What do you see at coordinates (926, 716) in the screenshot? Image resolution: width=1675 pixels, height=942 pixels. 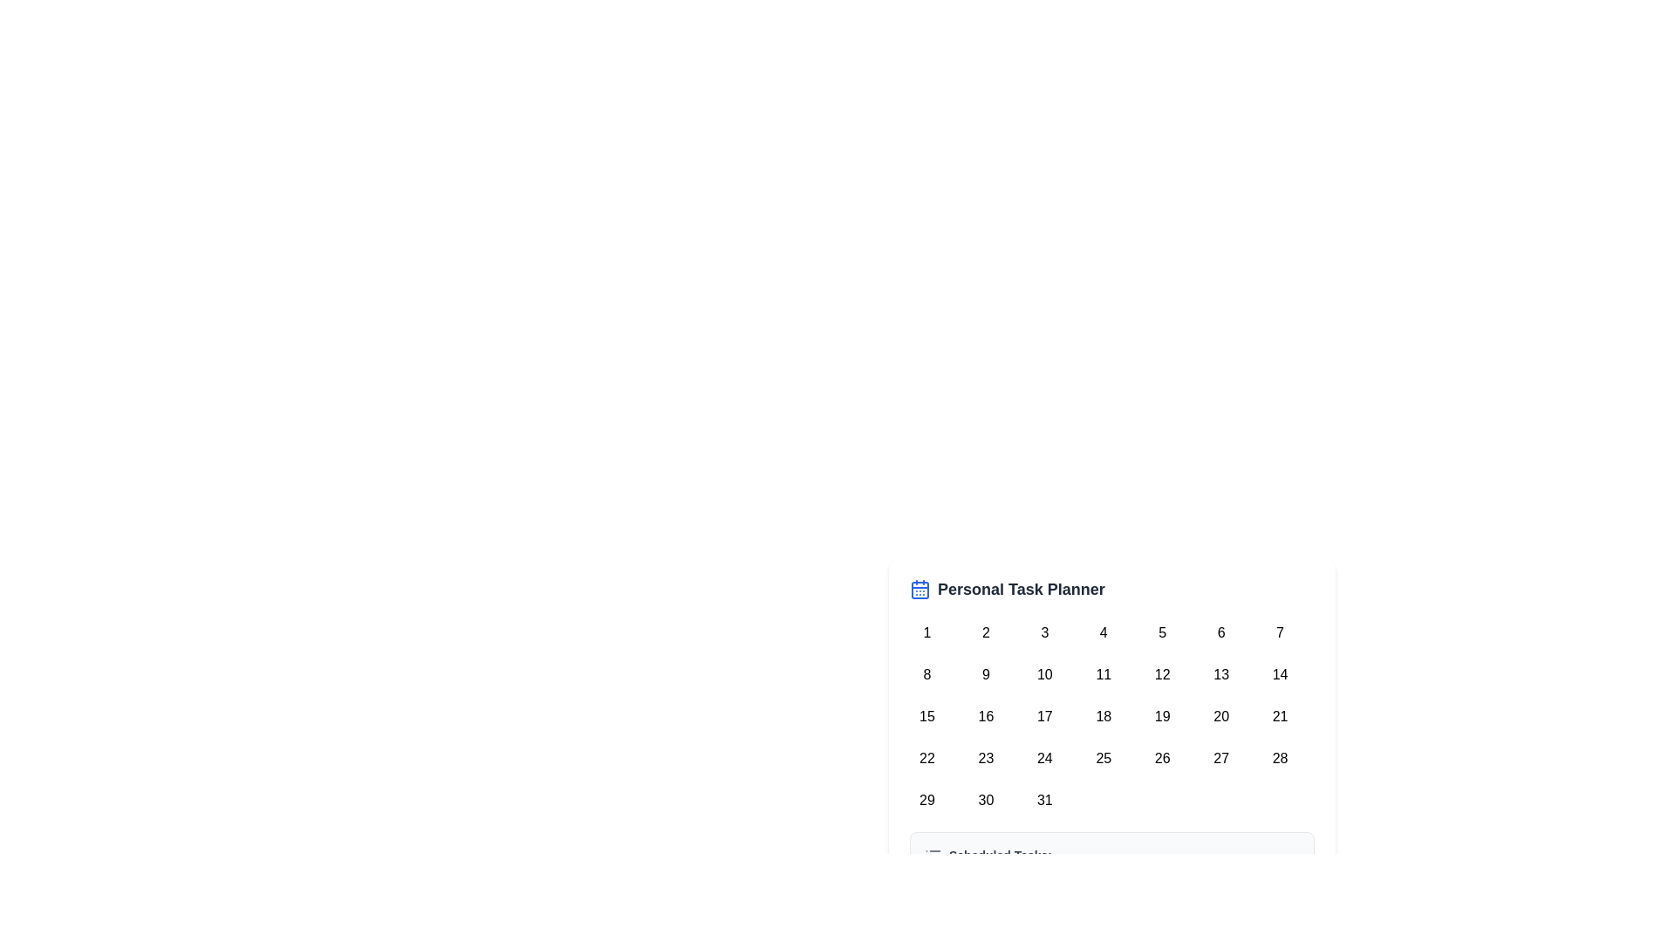 I see `the circular button displaying the number '15' located` at bounding box center [926, 716].